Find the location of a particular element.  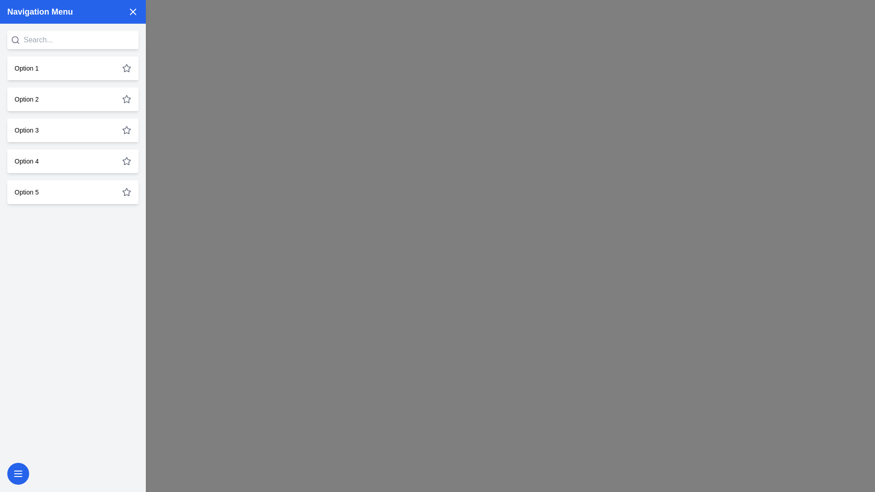

the fourth item in the vertically arranged list of options within the sidebar menu is located at coordinates (72, 161).